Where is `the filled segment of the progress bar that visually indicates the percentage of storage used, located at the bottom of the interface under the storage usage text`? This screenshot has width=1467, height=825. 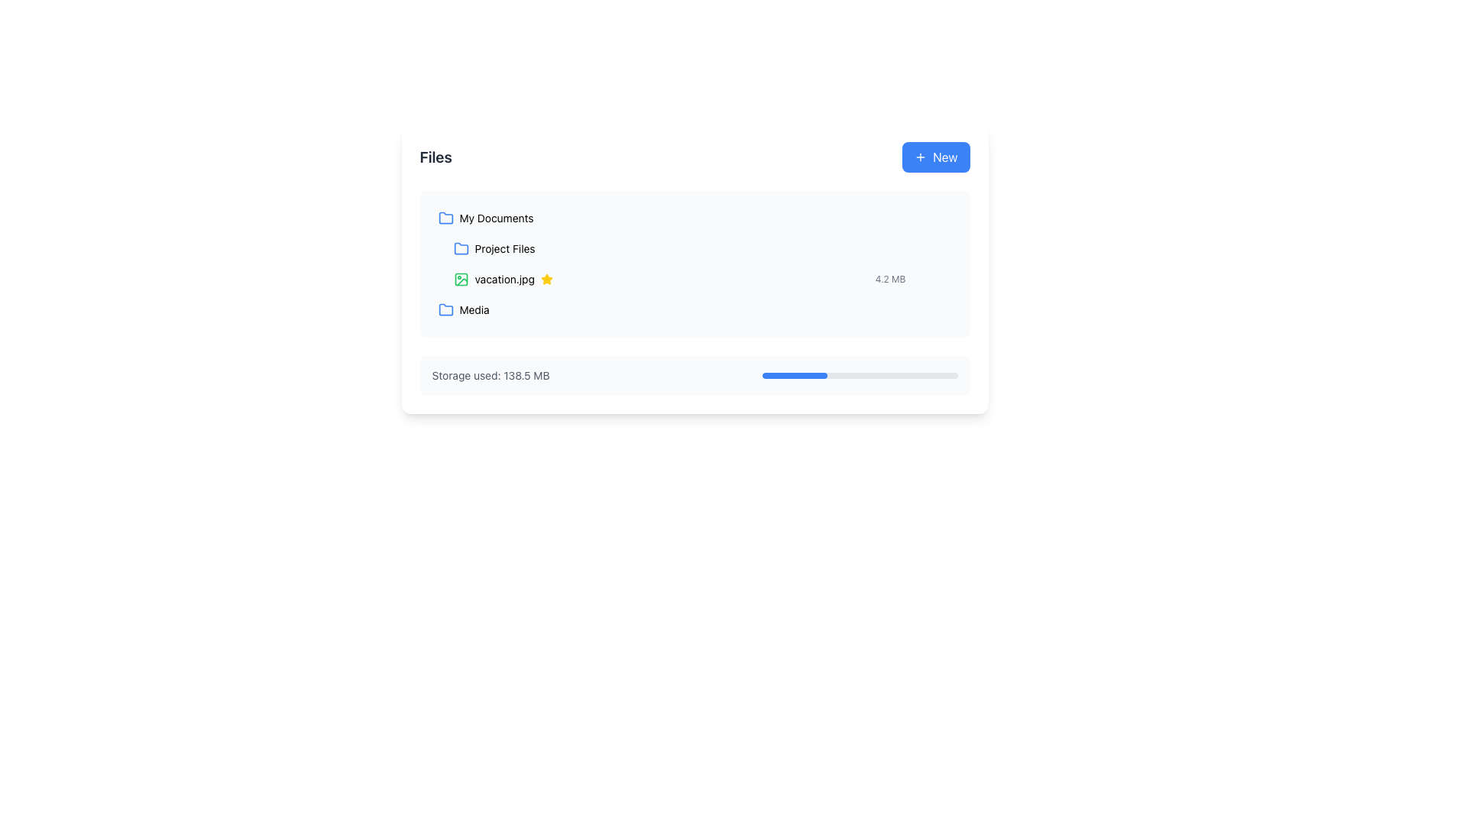
the filled segment of the progress bar that visually indicates the percentage of storage used, located at the bottom of the interface under the storage usage text is located at coordinates (795, 376).